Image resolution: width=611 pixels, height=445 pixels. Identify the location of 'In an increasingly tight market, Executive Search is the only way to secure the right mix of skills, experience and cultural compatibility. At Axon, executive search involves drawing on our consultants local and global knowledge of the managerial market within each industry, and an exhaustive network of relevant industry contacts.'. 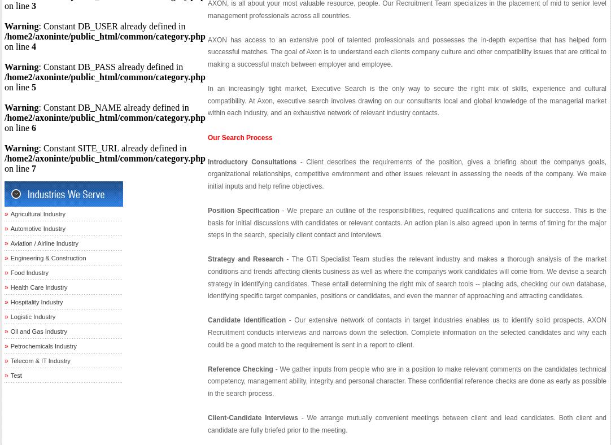
(207, 101).